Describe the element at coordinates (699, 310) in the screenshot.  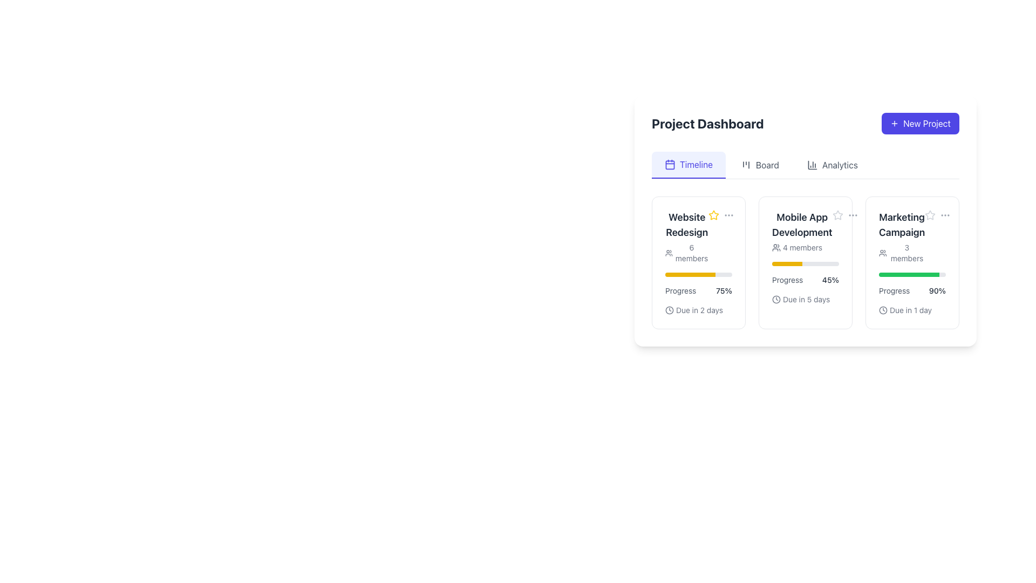
I see `due date information from the text element that displays 'Due in 2 days' with a clock icon to its left, located within the 'Website Redesign' card beneath the progress bar` at that location.